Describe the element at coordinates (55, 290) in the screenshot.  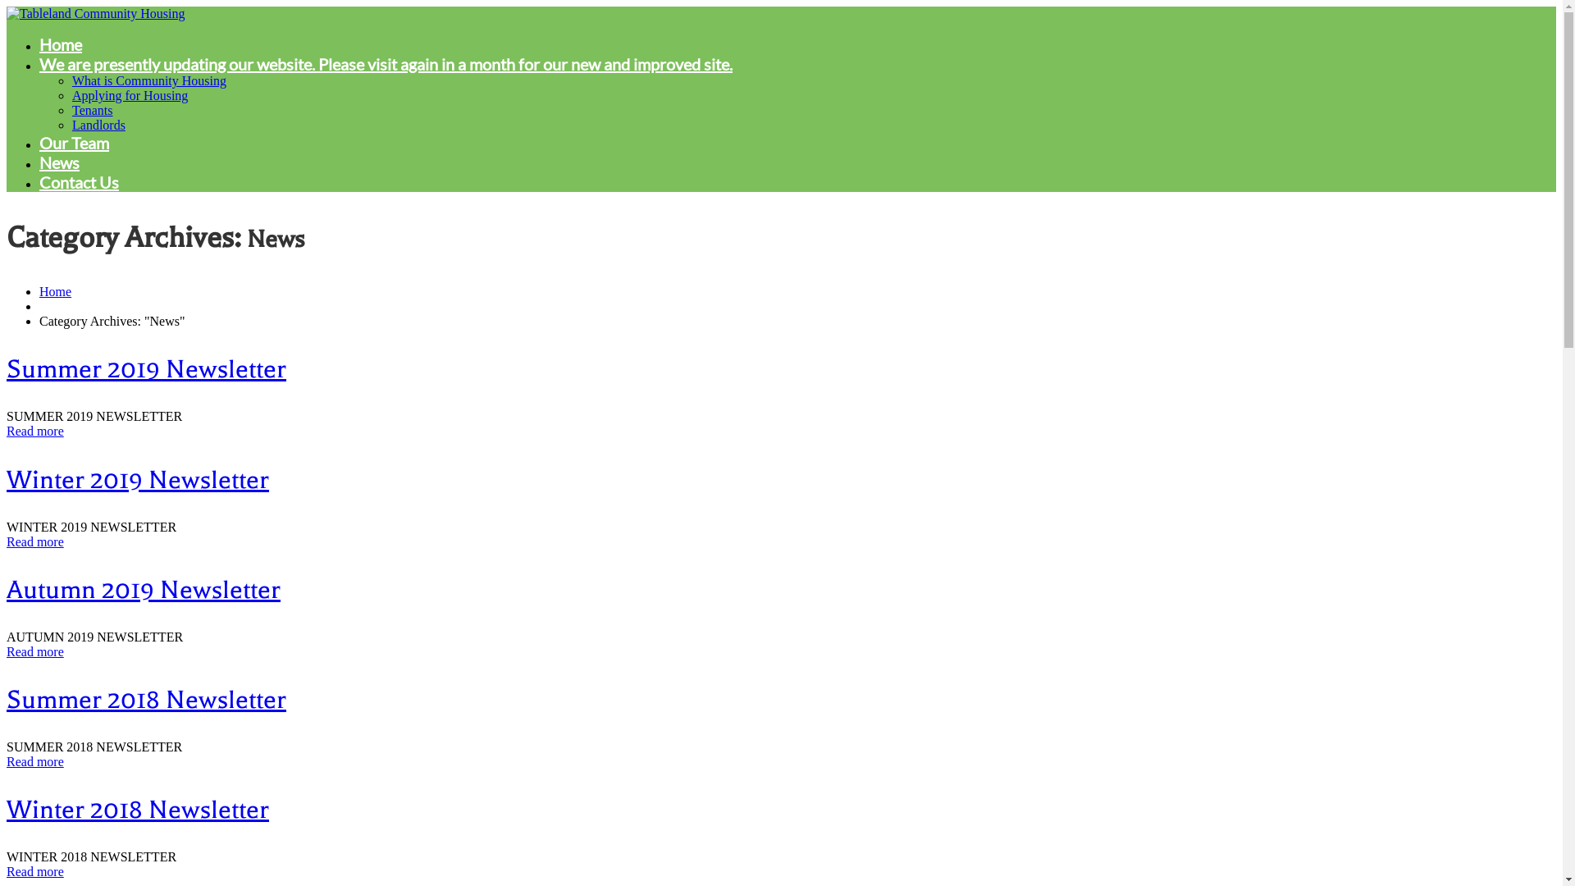
I see `'Home'` at that location.